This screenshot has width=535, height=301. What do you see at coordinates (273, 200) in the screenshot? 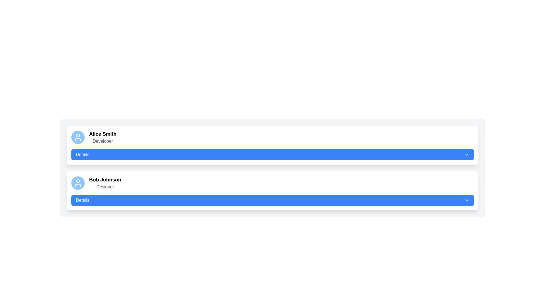
I see `the blue button labeled 'Details' with rounded edges` at bounding box center [273, 200].